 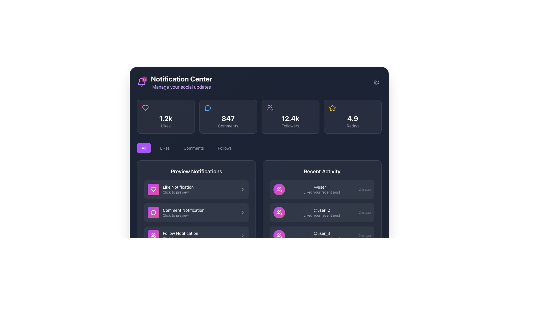 What do you see at coordinates (165, 125) in the screenshot?
I see `the small gray text label displaying 'Likes', which is positioned below the '1.2k' text in the first card of the Notification Center summary section` at bounding box center [165, 125].